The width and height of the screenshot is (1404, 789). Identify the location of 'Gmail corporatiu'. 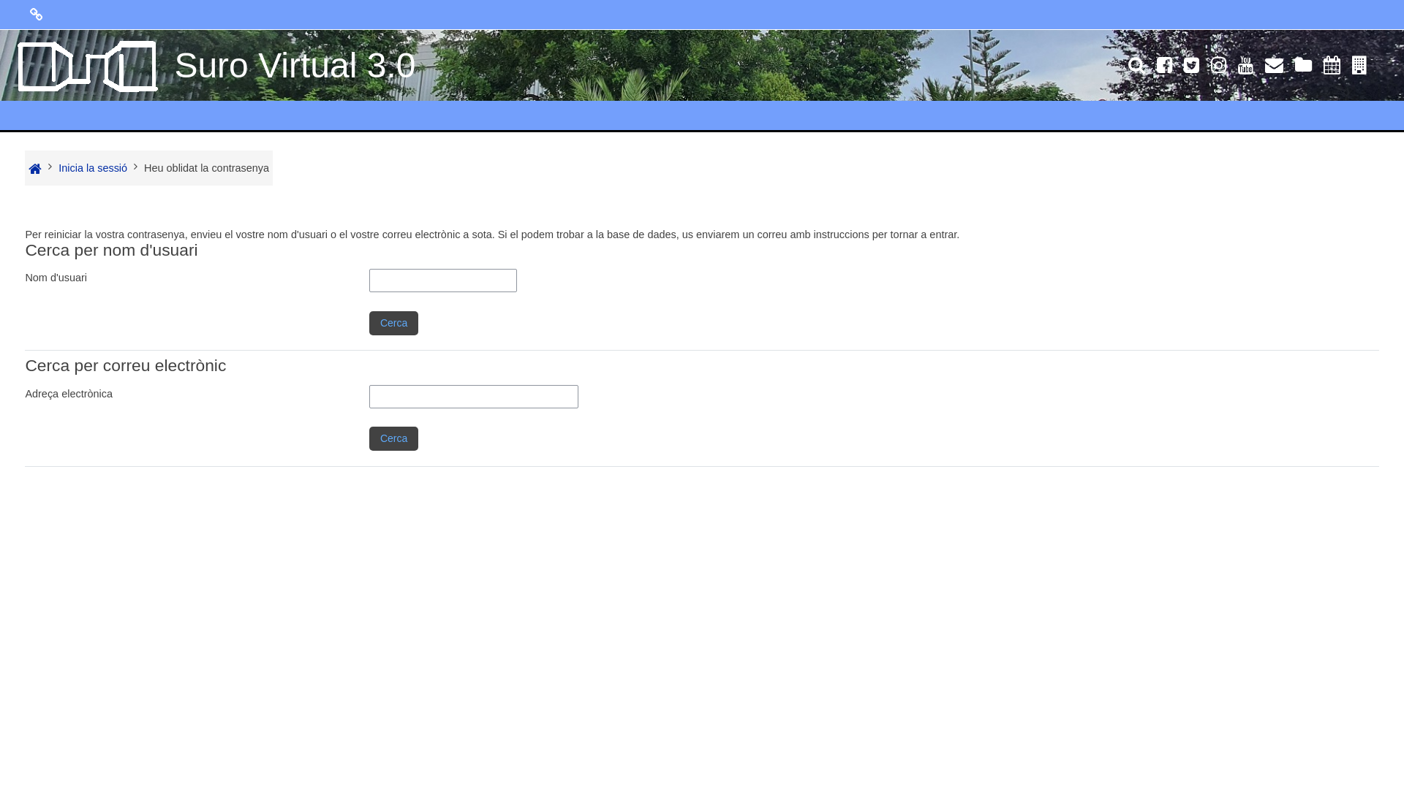
(1273, 67).